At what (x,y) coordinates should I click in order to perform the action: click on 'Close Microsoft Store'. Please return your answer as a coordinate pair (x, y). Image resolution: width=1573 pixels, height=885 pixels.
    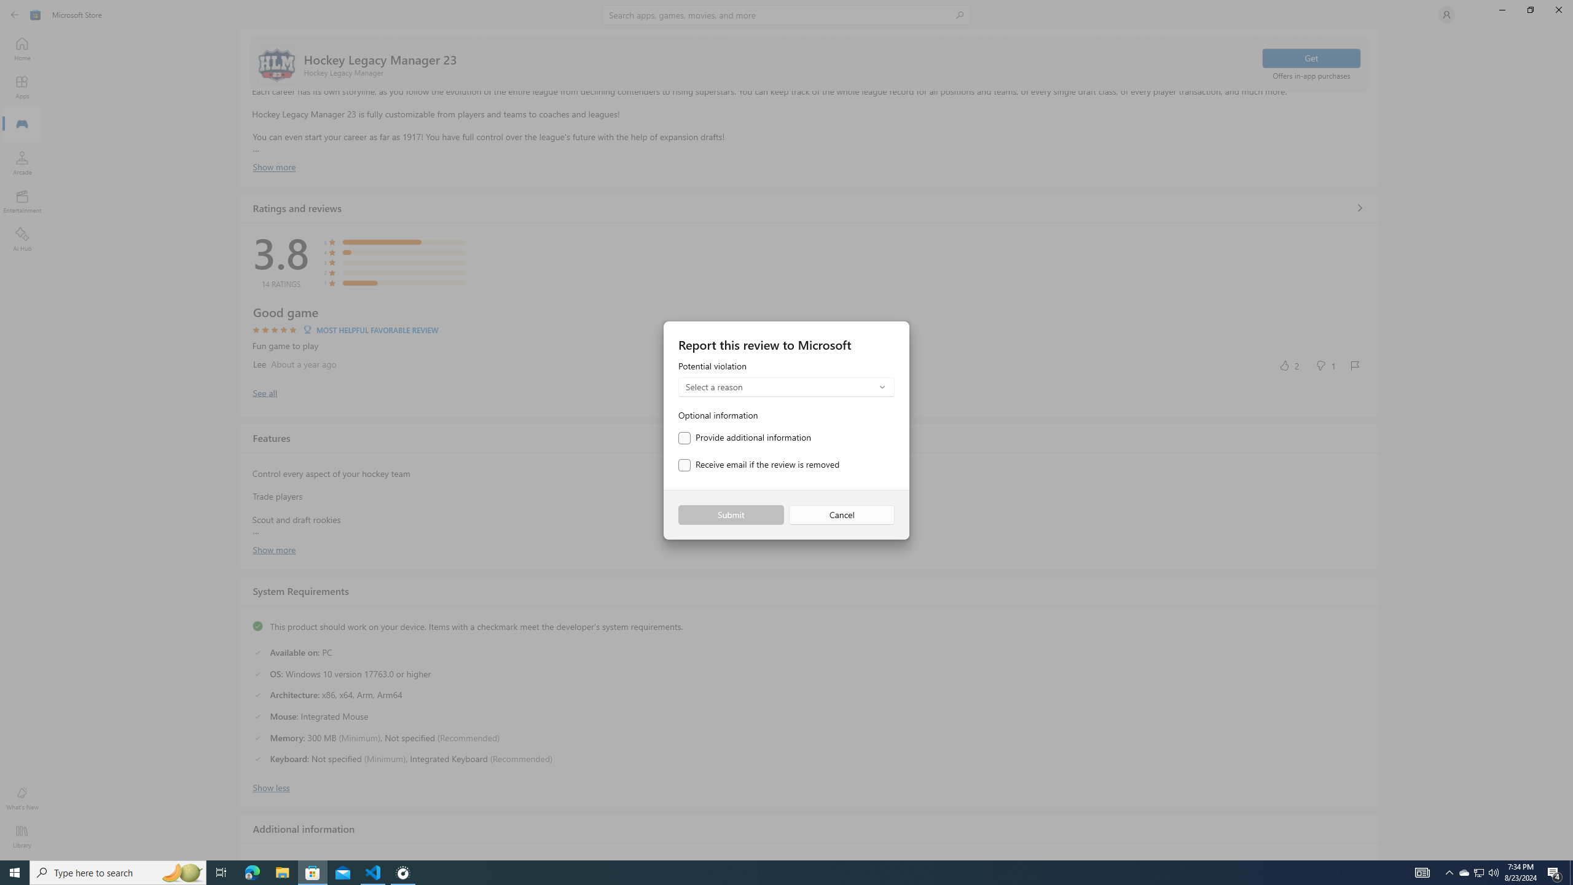
    Looking at the image, I should click on (1558, 9).